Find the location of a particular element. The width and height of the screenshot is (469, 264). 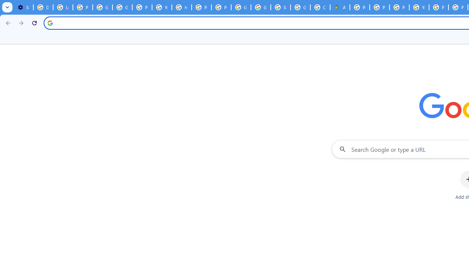

'Sign in - Google Accounts' is located at coordinates (280, 7).